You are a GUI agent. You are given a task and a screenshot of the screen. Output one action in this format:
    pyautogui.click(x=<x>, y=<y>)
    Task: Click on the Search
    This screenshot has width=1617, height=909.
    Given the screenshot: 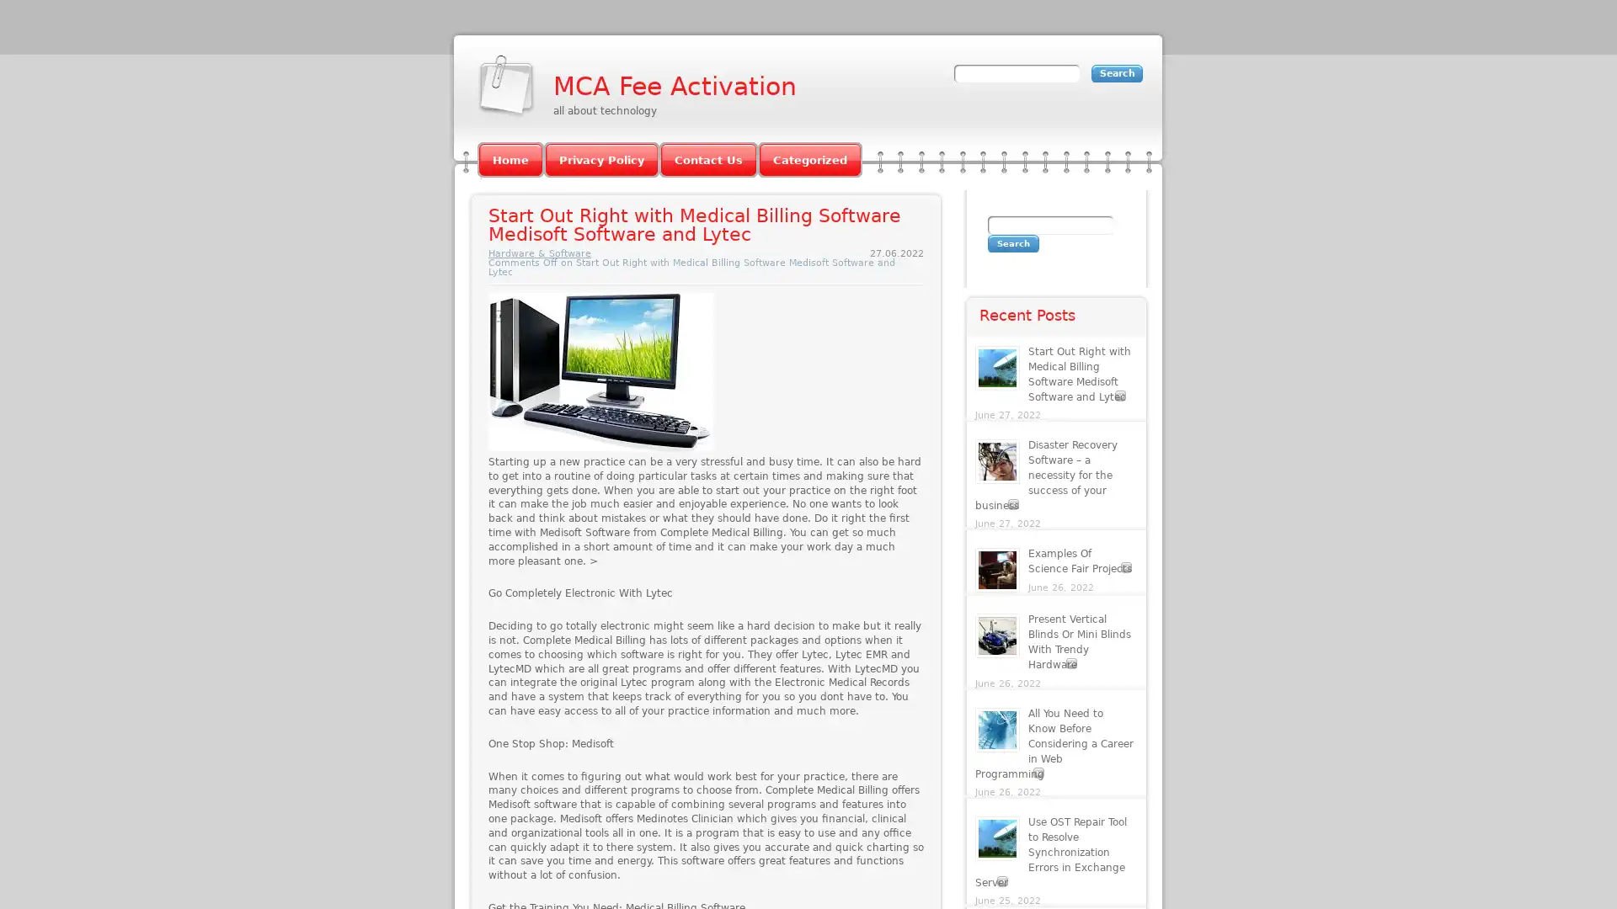 What is the action you would take?
    pyautogui.click(x=1012, y=243)
    